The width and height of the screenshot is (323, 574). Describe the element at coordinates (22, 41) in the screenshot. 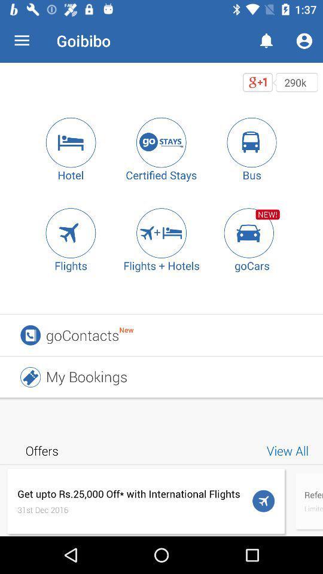

I see `item to the left of goibibo` at that location.